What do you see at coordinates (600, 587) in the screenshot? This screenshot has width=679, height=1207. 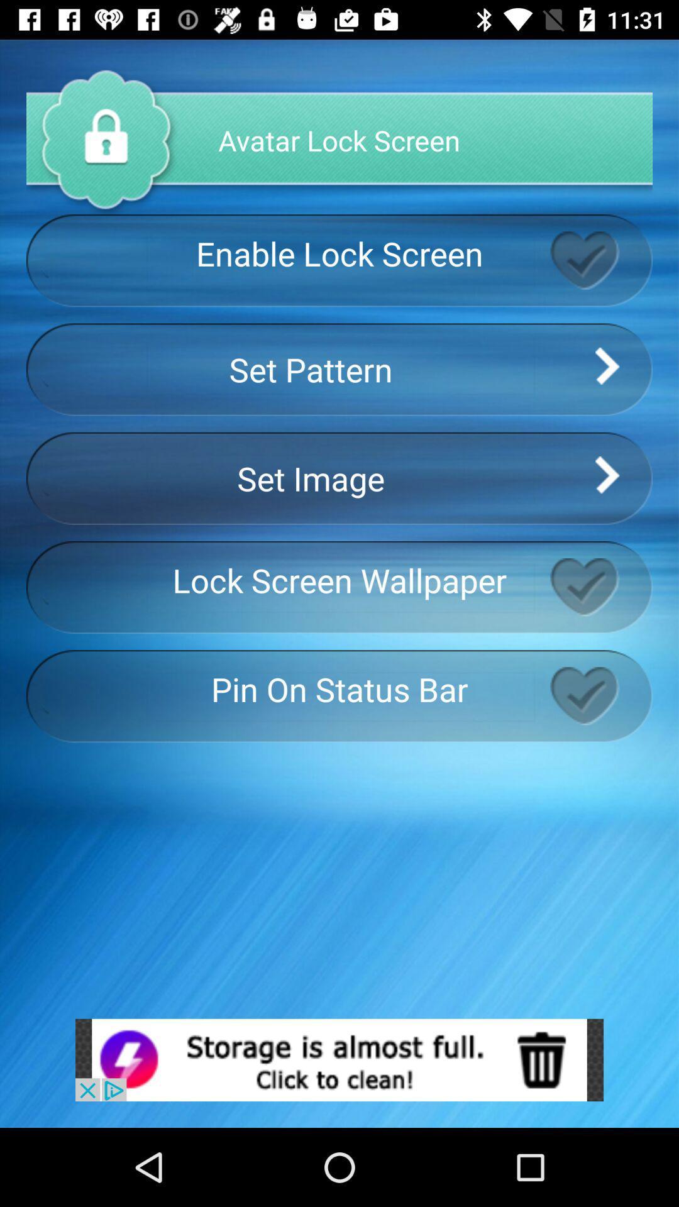 I see `click the tick box` at bounding box center [600, 587].